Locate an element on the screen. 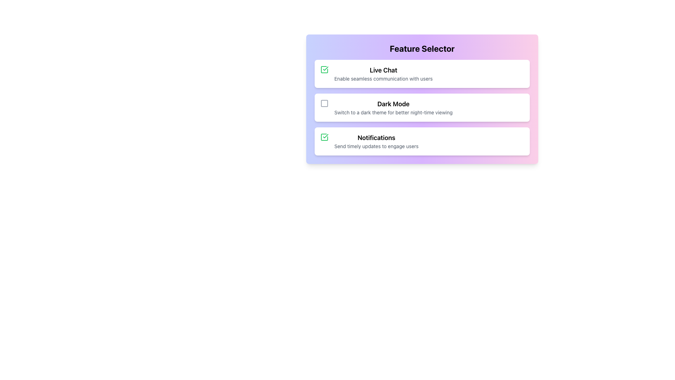  the text label providing supplementary information for the 'Live Chat' feature, which is positioned directly below the title 'Live Chat' in the 'Feature Selector' section is located at coordinates (383, 78).